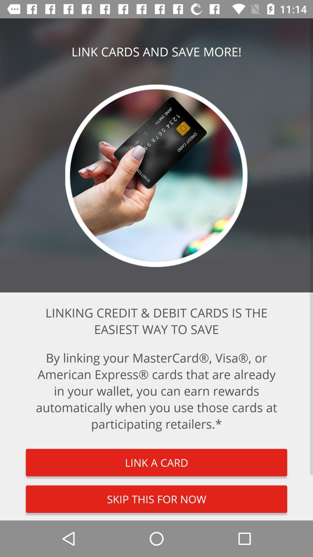 This screenshot has width=313, height=557. I want to click on link a card item, so click(156, 462).